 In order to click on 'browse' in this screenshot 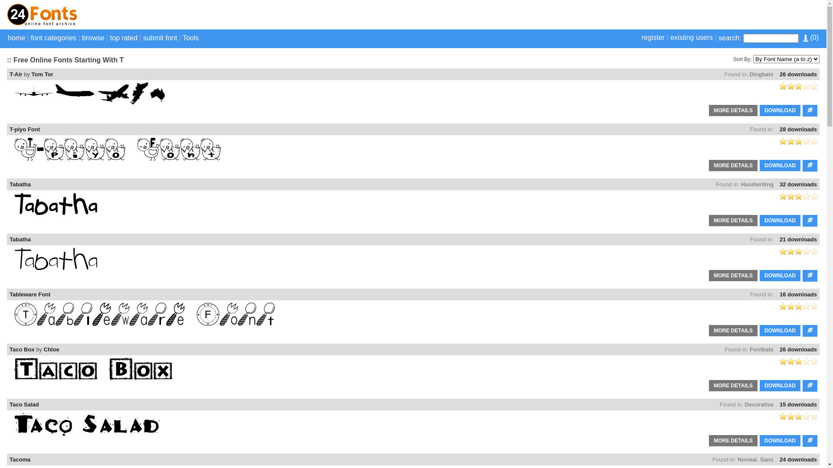, I will do `click(93, 37)`.